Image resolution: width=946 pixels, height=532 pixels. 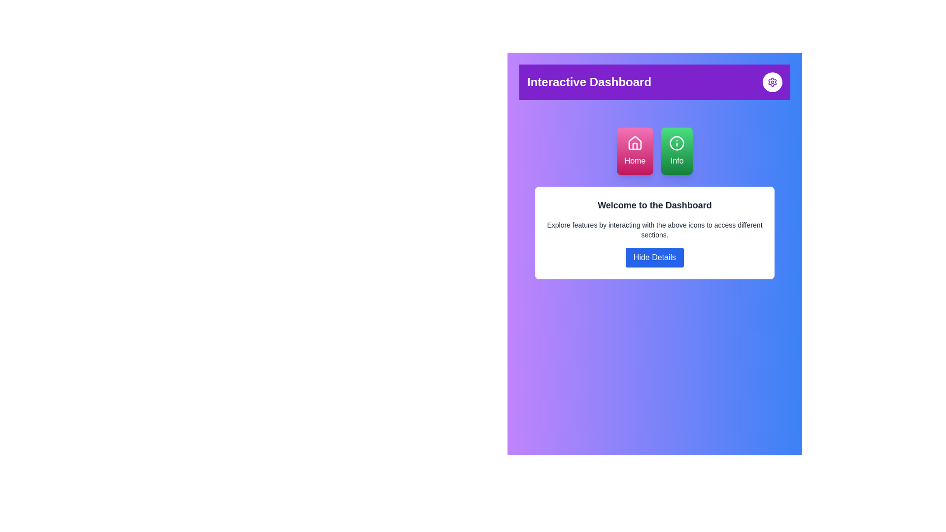 What do you see at coordinates (655, 230) in the screenshot?
I see `the text paragraph that reads 'Explore features by interacting with the above icons` at bounding box center [655, 230].